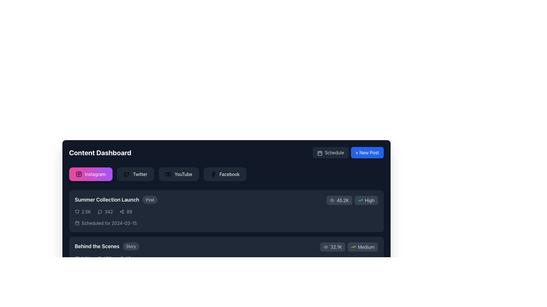  I want to click on label indicating the status or category labeled as 'Medium' located at the bottom-right corner of the card-like structure, which is the second item in a row next to '32.1K' with an eye icon, so click(362, 246).